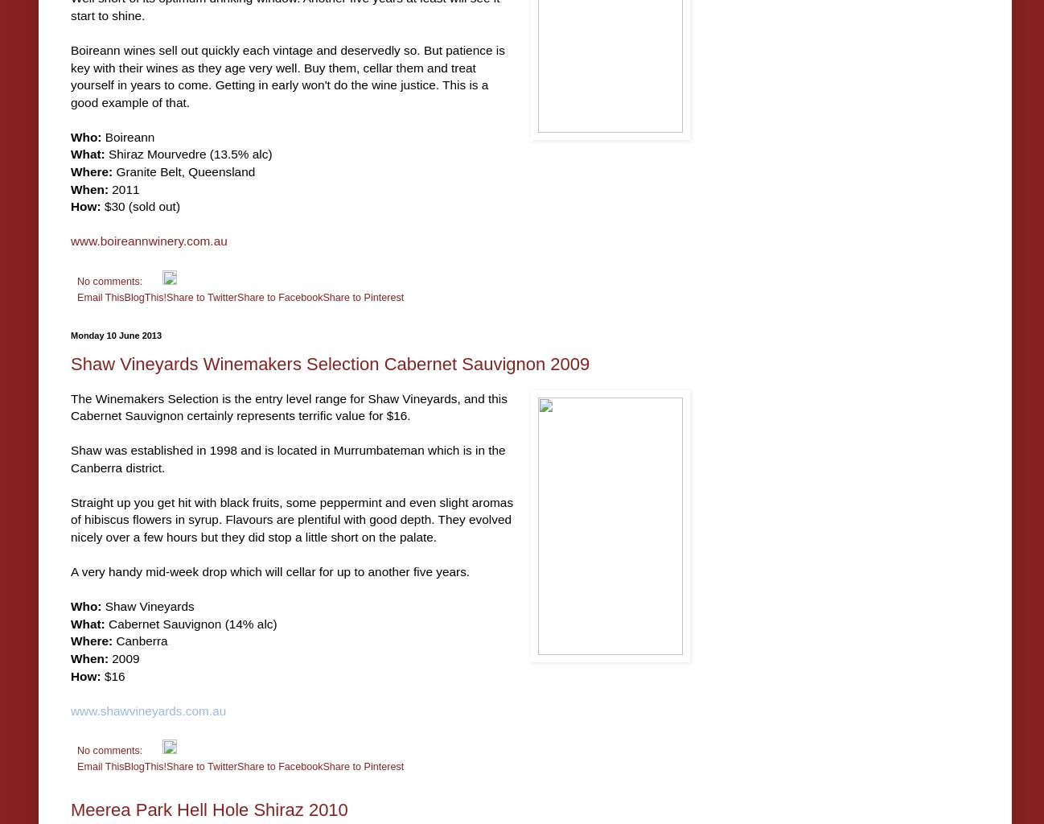  I want to click on 'Boireann wines sell out quickly each vintage and deservedly so. But patience is key with their wines as they age very well. Buy them, cellar them and treat yourself in years to come. Getting in early won't do the wine justice. This is a good example of that.', so click(287, 76).